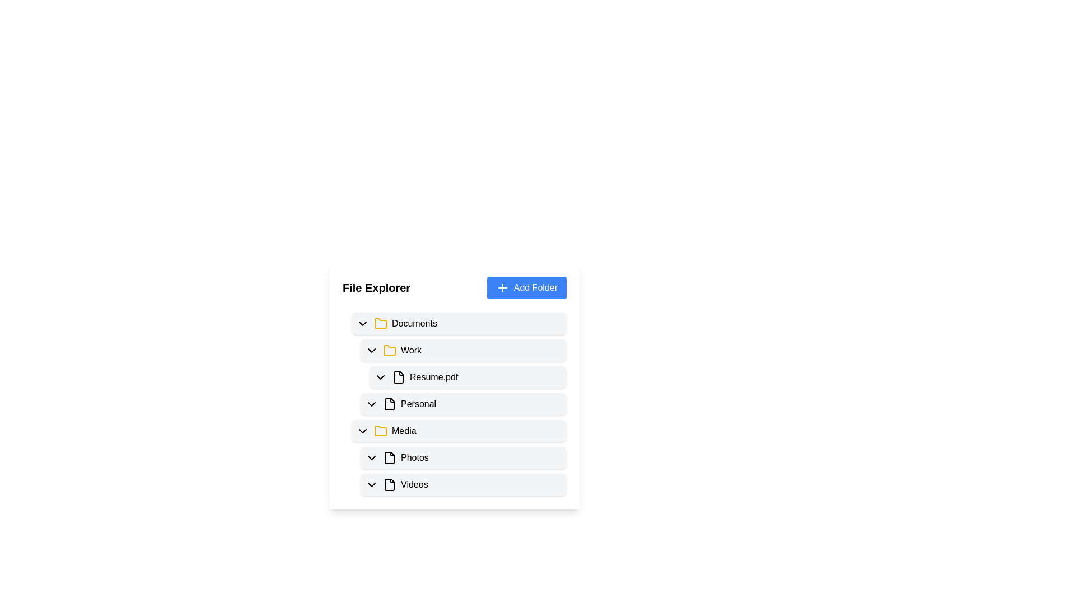 This screenshot has width=1075, height=604. What do you see at coordinates (390, 404) in the screenshot?
I see `the second icon representing a document file in the 'Personal' section of the 'File Explorer' interface, located to the left of the text label 'Personal'` at bounding box center [390, 404].